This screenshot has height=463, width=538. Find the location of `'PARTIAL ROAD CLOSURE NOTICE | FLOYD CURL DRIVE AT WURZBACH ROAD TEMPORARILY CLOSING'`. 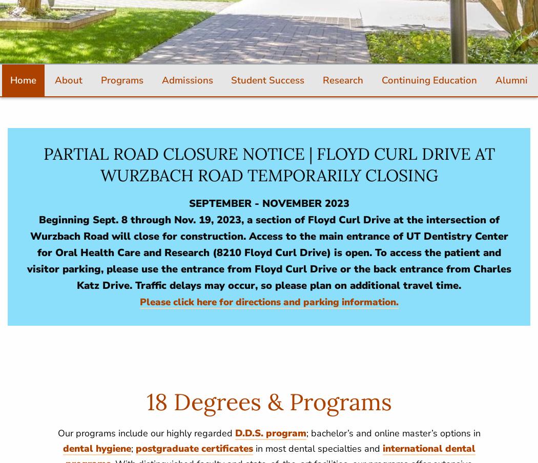

'PARTIAL ROAD CLOSURE NOTICE | FLOYD CURL DRIVE AT WURZBACH ROAD TEMPORARILY CLOSING' is located at coordinates (43, 164).